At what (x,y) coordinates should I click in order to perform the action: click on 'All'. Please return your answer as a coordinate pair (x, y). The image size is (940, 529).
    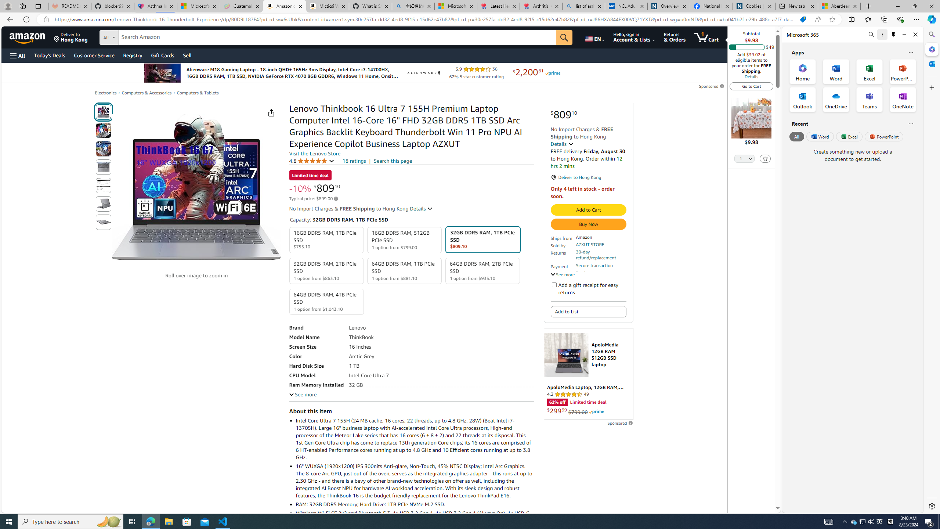
    Looking at the image, I should click on (796, 136).